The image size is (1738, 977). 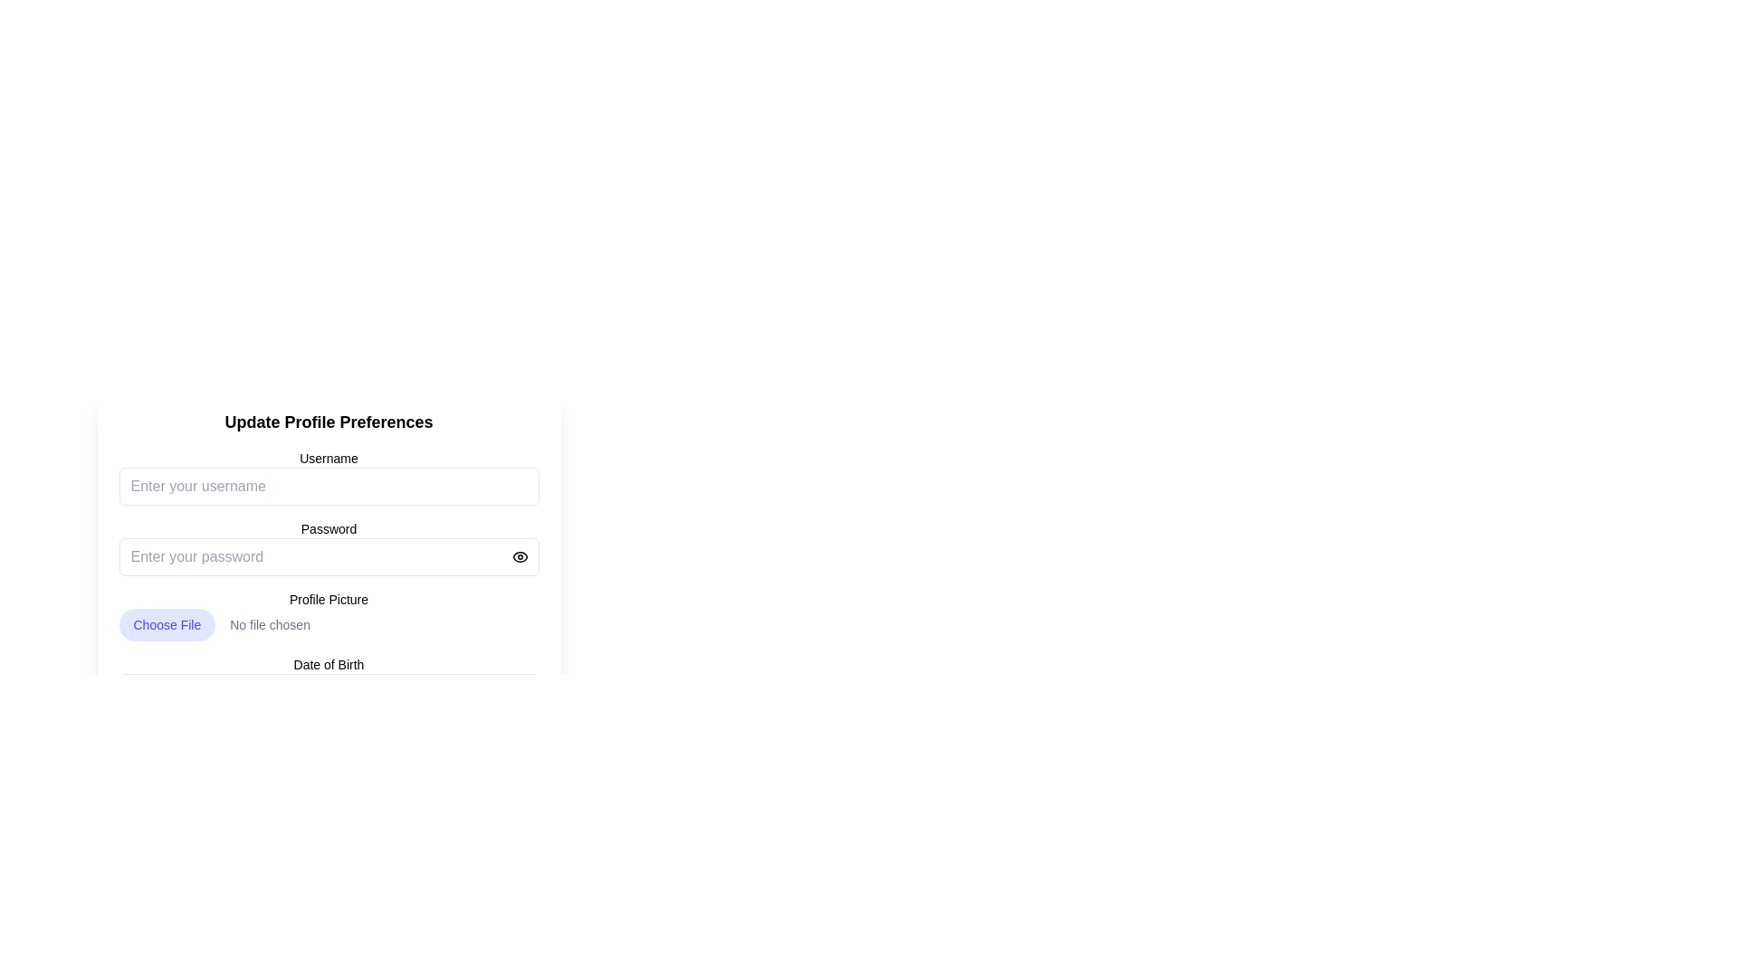 I want to click on the text label that reads 'Date of Birth', located at the bottom of the updated profile preferences form, above the date input field and calendar icon, so click(x=329, y=665).